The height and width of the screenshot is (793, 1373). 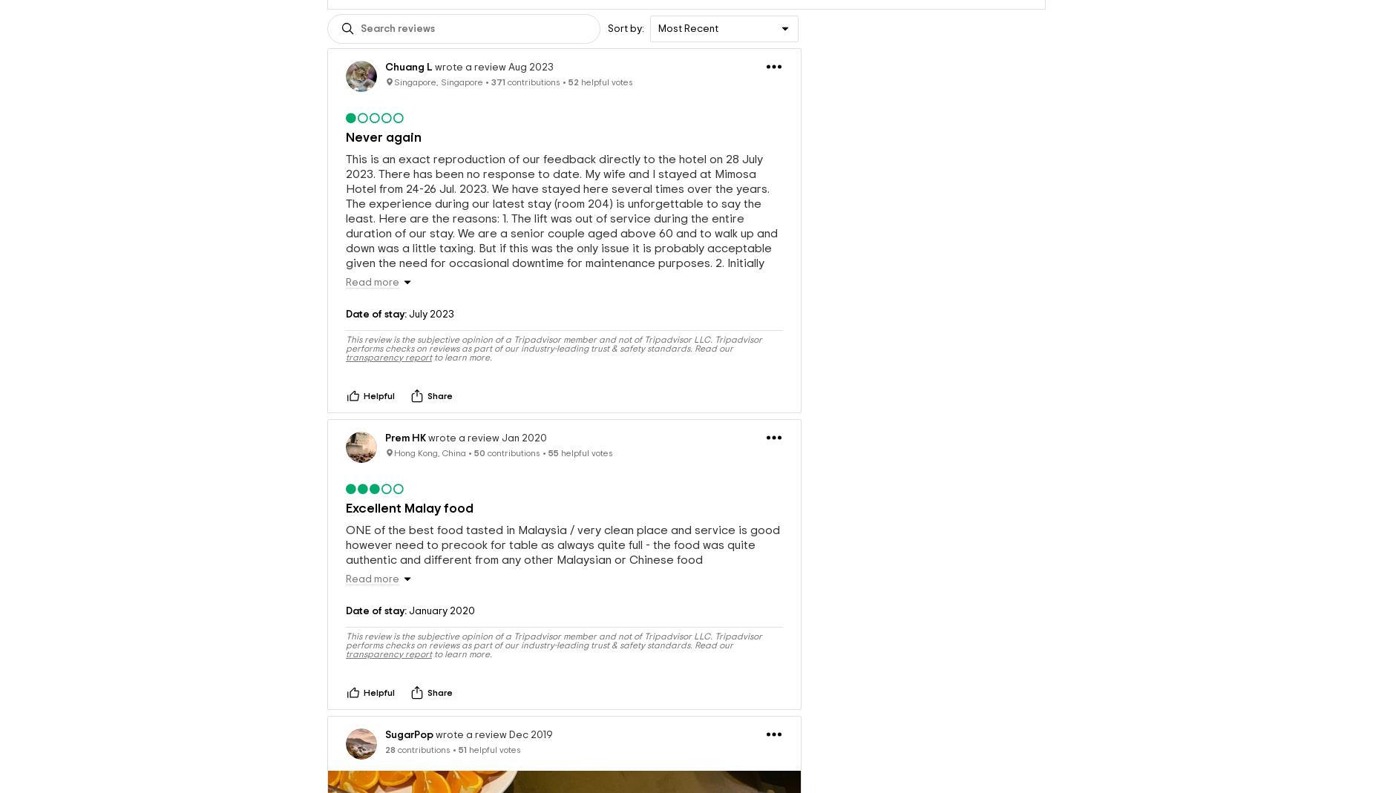 What do you see at coordinates (479, 452) in the screenshot?
I see `'50'` at bounding box center [479, 452].